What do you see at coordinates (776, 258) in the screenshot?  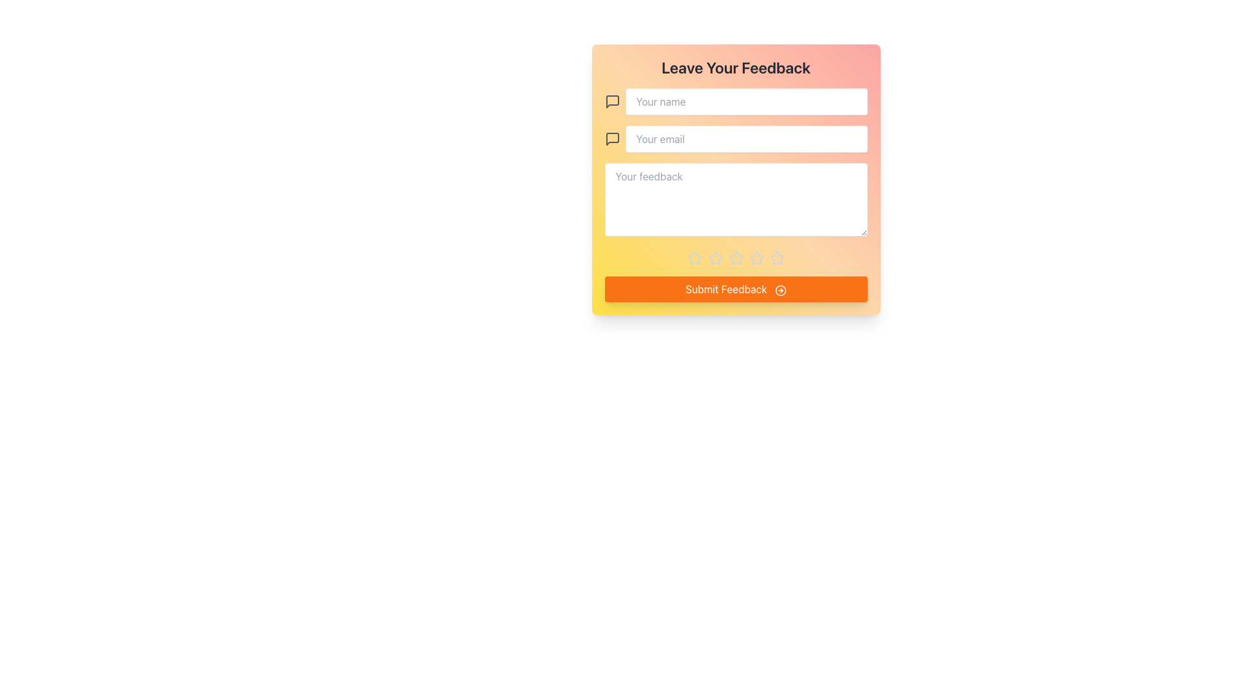 I see `the fourth star in the rating system, which is part of a five-star feedback mechanism located below the feedback input field and above the 'Submit Feedback' button` at bounding box center [776, 258].